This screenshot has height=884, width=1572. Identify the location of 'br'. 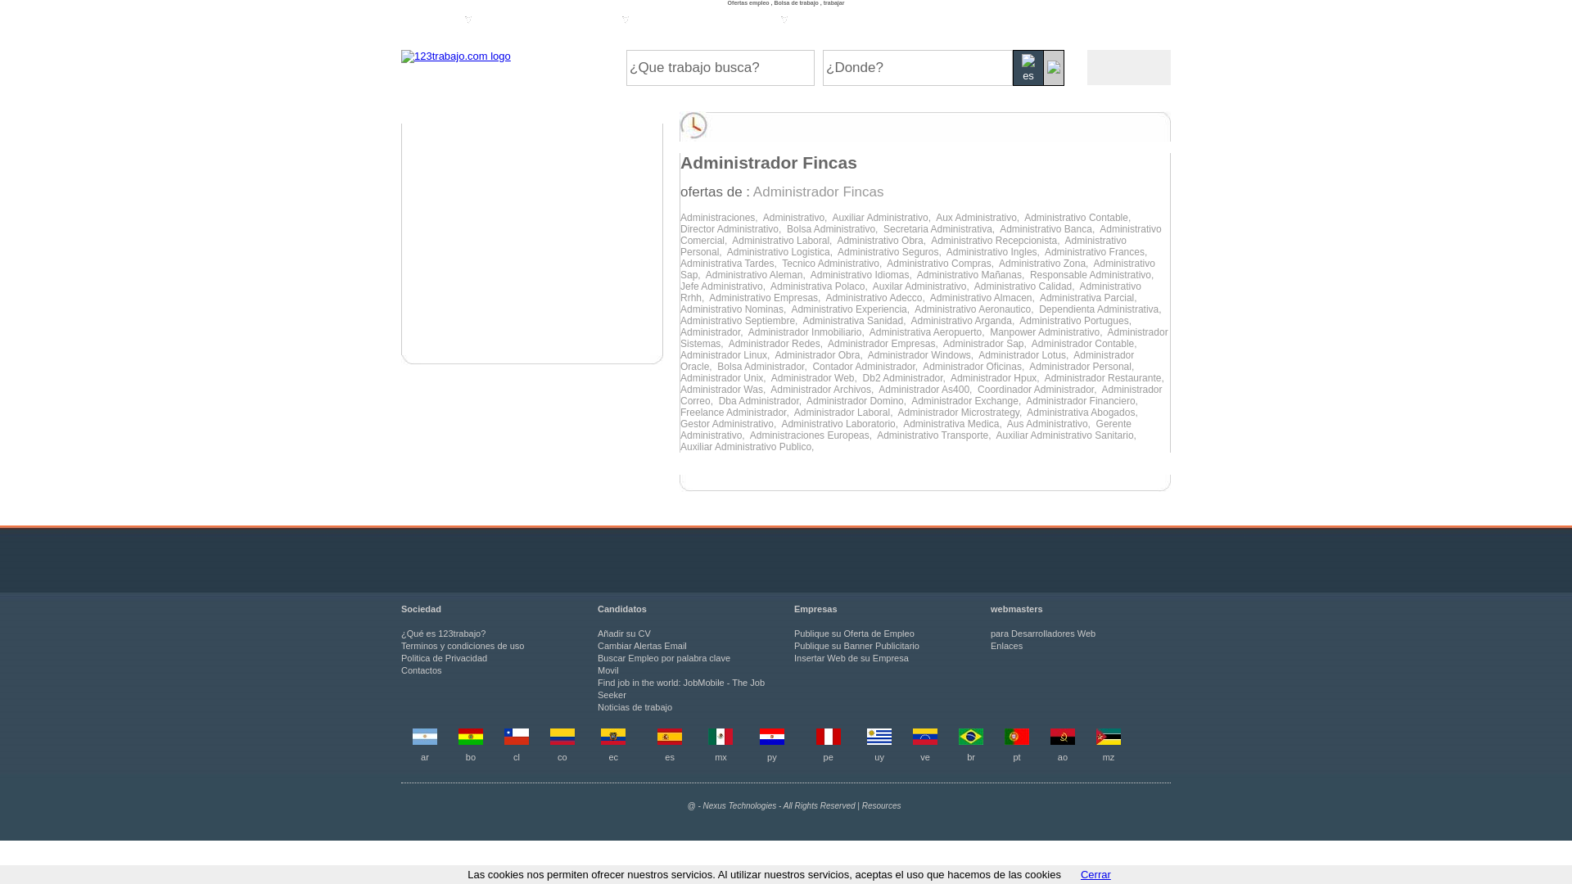
(970, 757).